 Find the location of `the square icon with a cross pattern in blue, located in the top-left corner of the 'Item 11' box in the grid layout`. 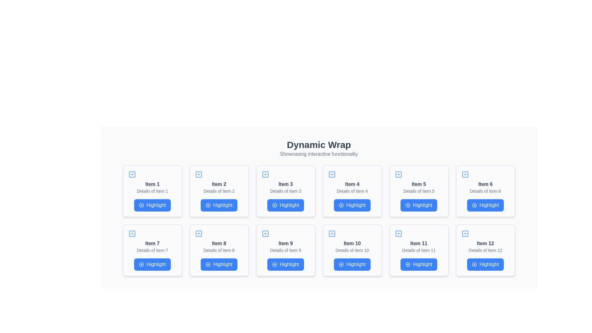

the square icon with a cross pattern in blue, located in the top-left corner of the 'Item 11' box in the grid layout is located at coordinates (398, 234).